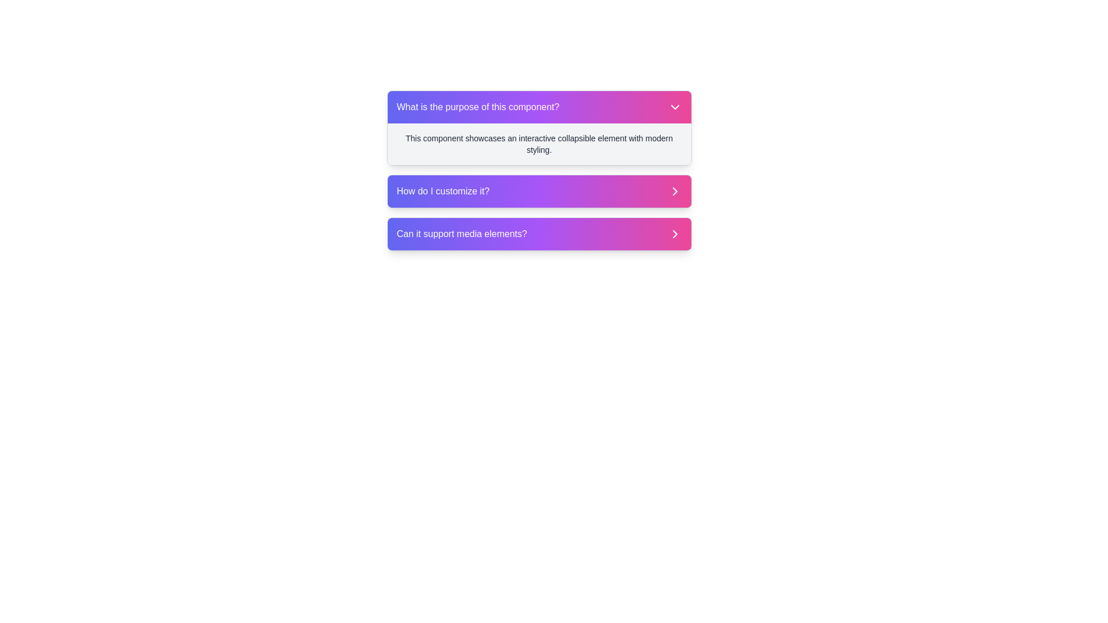 The width and height of the screenshot is (1108, 623). Describe the element at coordinates (538, 107) in the screenshot. I see `the Collapsible Header that contains the text 'What is the purpose of this component?' and a chevron-down icon, which is a gradient-styled element located at the top of a vertical stack of components` at that location.